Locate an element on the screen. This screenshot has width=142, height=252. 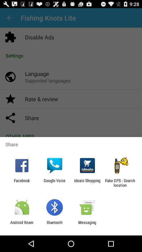
item next to the google voice item is located at coordinates (87, 183).